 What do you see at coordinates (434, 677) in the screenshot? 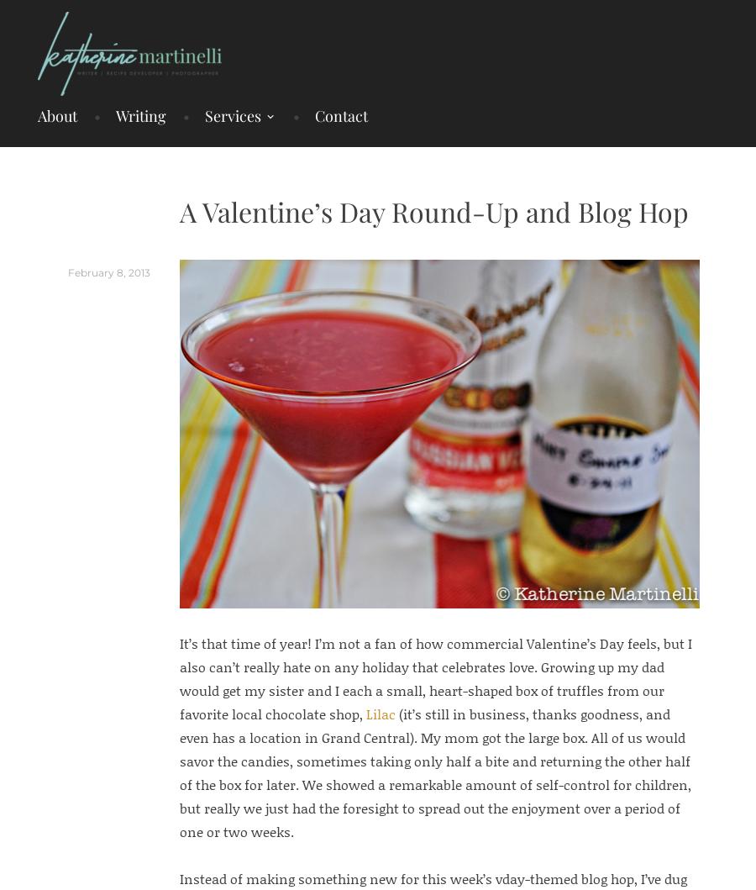
I see `'It’s that time of year! I’m not a fan of how commercial Valentine’s Day feels, but I also can’t really hate on any holiday that celebrates love. Growing up my dad would get my sister and I each a small, heart-shaped box of truffles from our favorite local chocolate shop,'` at bounding box center [434, 677].